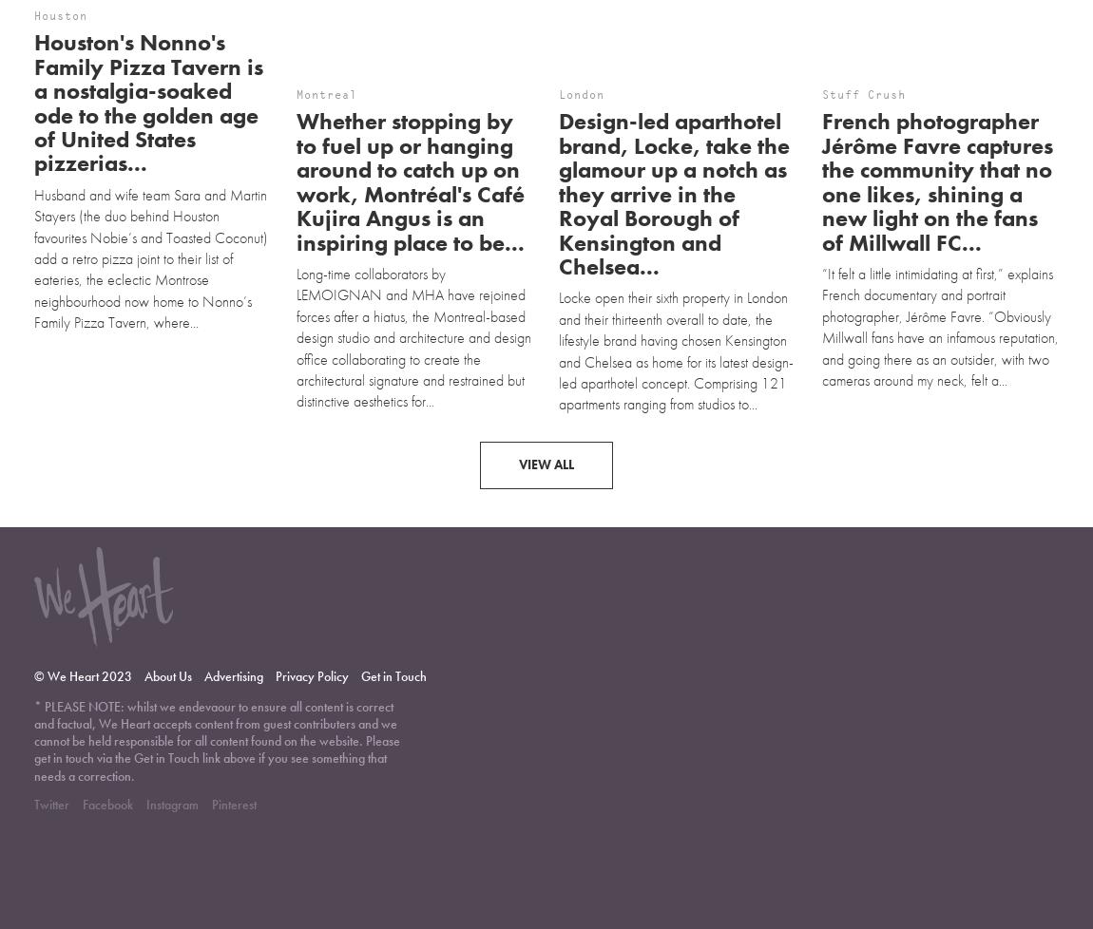 This screenshot has width=1093, height=929. What do you see at coordinates (820, 14) in the screenshot?
I see `'Stuff Crush'` at bounding box center [820, 14].